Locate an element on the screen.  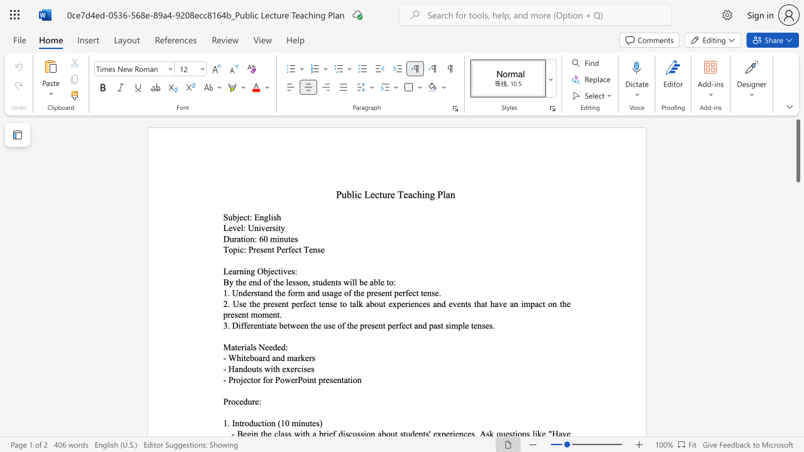
the subset text "0 m" within the text "Duration: 60 minutes" is located at coordinates (263, 239).